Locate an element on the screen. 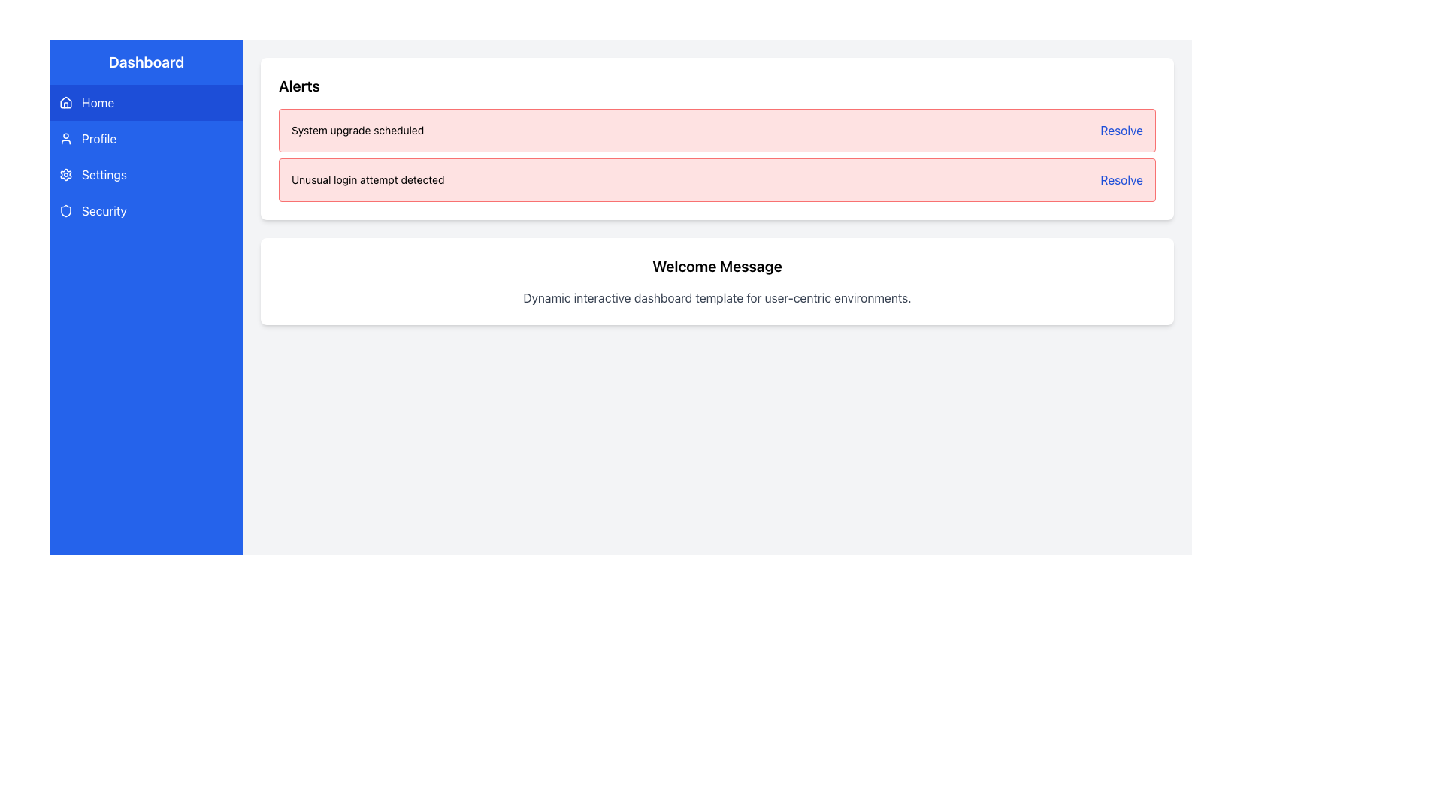 Image resolution: width=1443 pixels, height=811 pixels. the 'Security' button in the vertical navigation menu, which is the fourth item down is located at coordinates (147, 211).